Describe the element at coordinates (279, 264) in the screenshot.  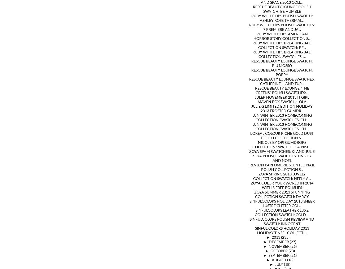
I see `'July'` at that location.